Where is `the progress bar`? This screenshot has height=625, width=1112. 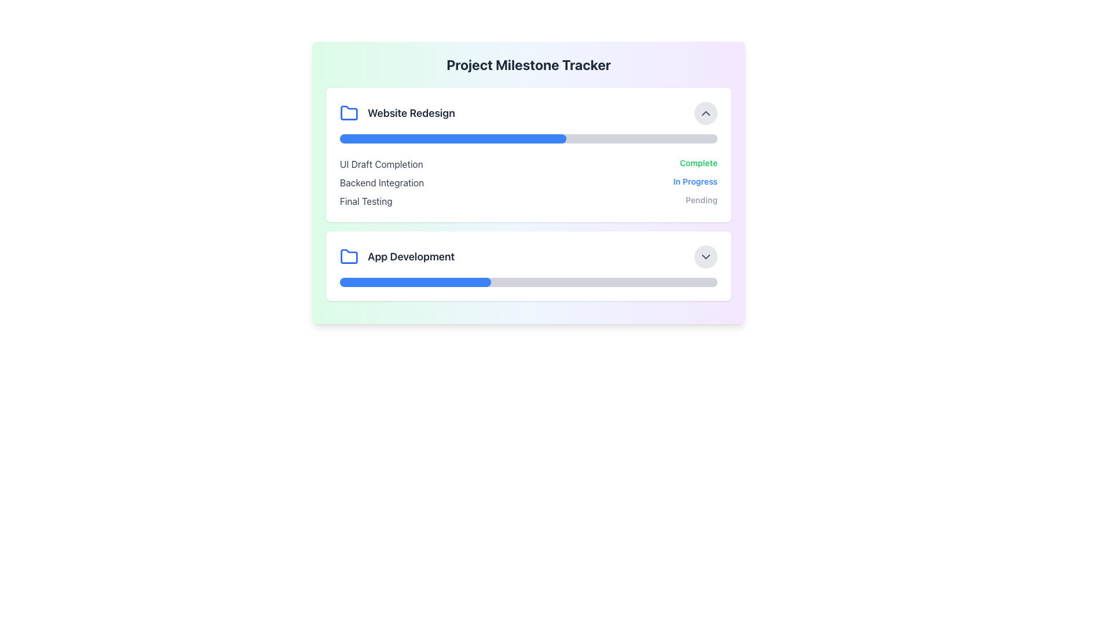 the progress bar is located at coordinates (480, 138).